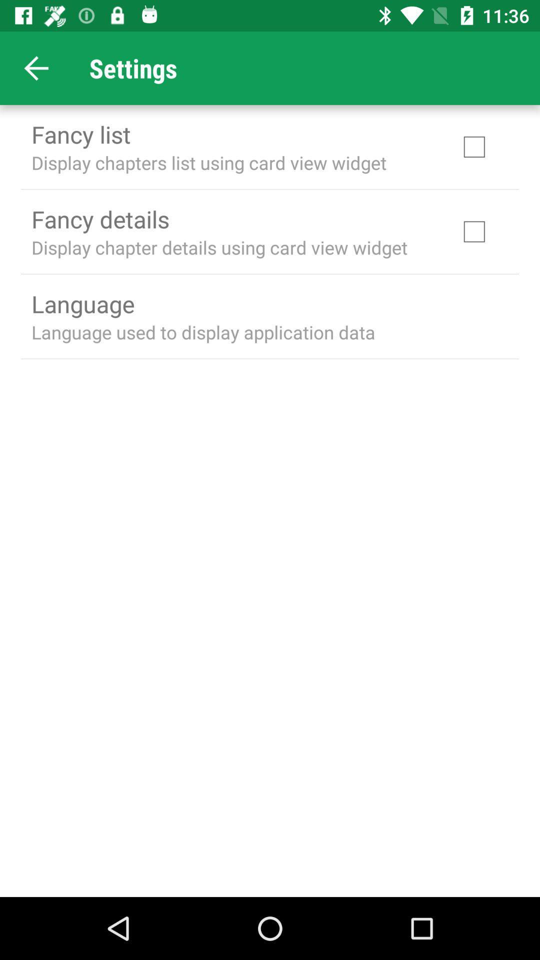  Describe the element at coordinates (36, 67) in the screenshot. I see `app above fancy list app` at that location.